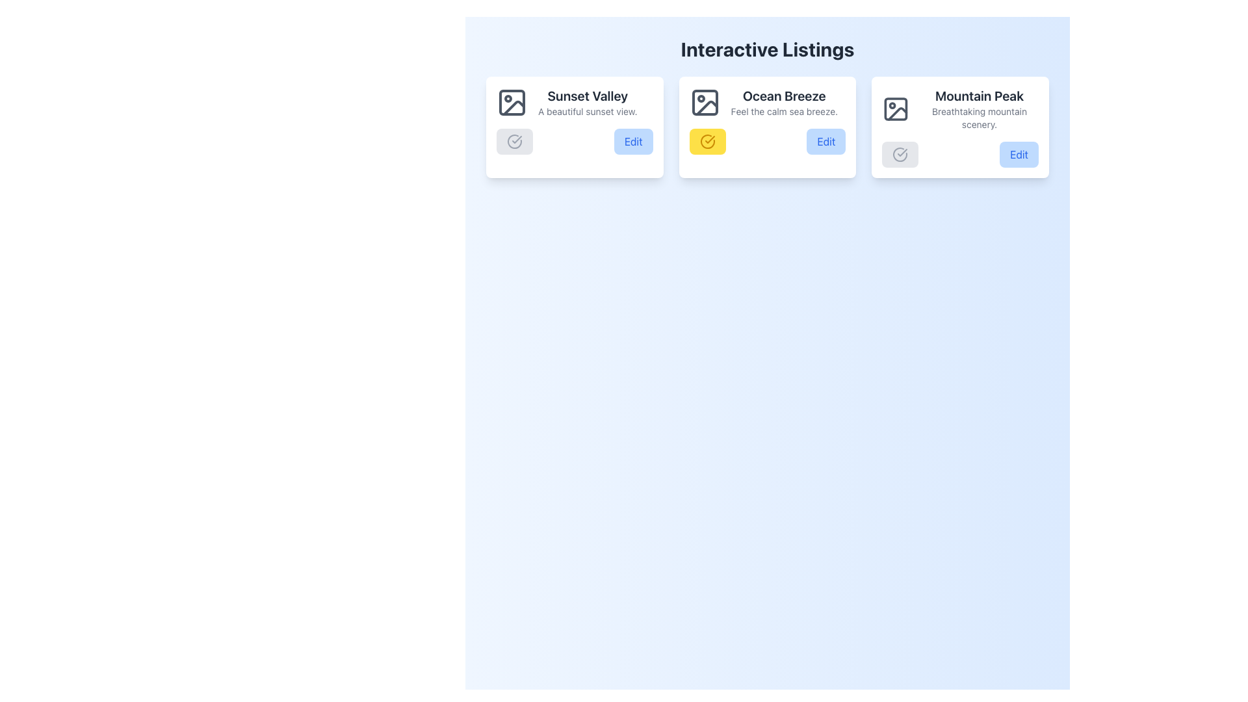  What do you see at coordinates (900, 154) in the screenshot?
I see `the circular gray icon with a checkmark inside, located at the bottom-left corner of the 'Mountain Peak' card` at bounding box center [900, 154].